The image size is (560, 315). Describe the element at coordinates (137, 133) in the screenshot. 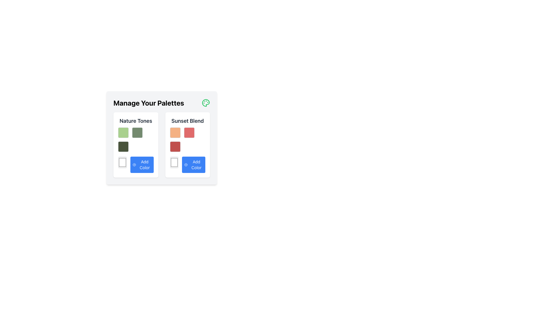

I see `the second color tile in the 2x2 grid under the 'Nature Tones' category` at that location.